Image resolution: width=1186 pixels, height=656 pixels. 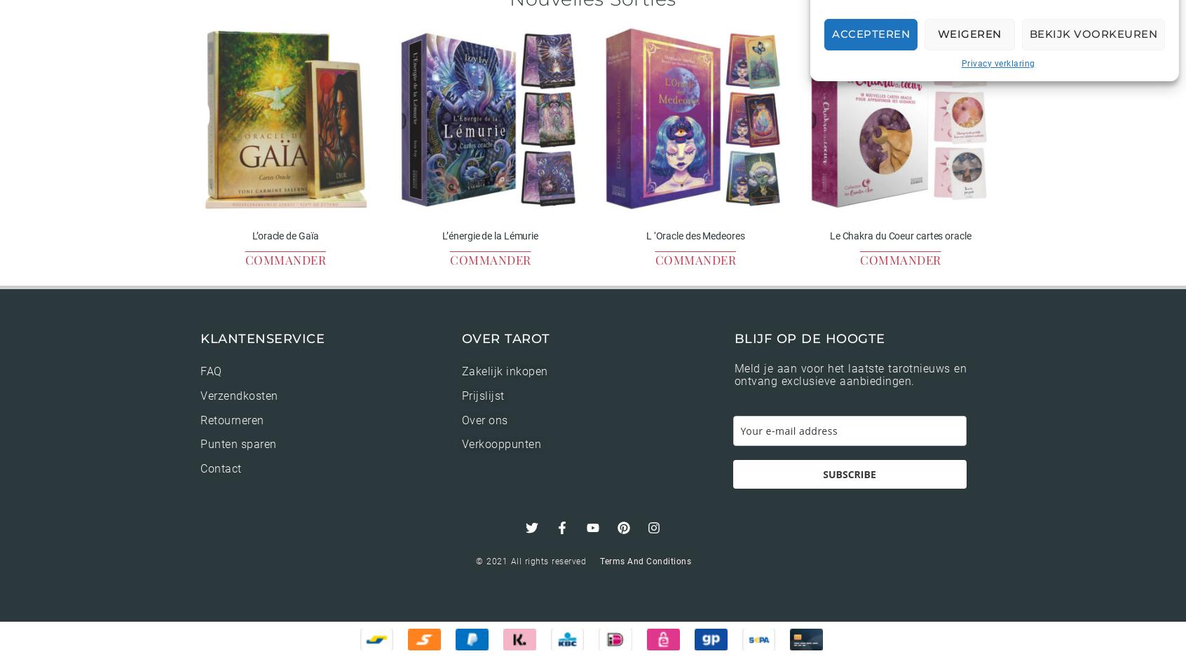 What do you see at coordinates (490, 235) in the screenshot?
I see `'L’énergie de la Lémurie'` at bounding box center [490, 235].